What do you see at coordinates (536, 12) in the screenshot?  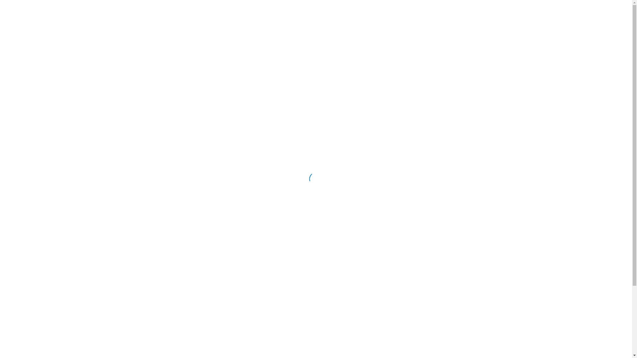 I see `'116'` at bounding box center [536, 12].